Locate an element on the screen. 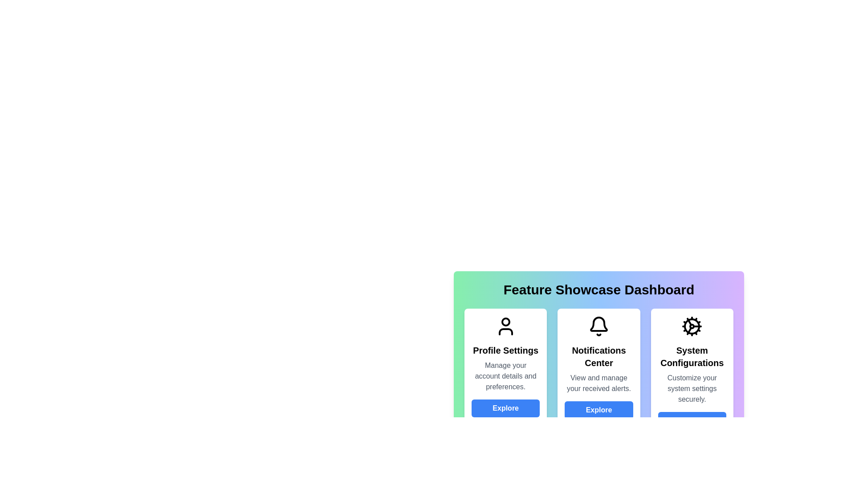  the black user icon located at the top-center of the 'Profile Settings' card is located at coordinates (505, 326).